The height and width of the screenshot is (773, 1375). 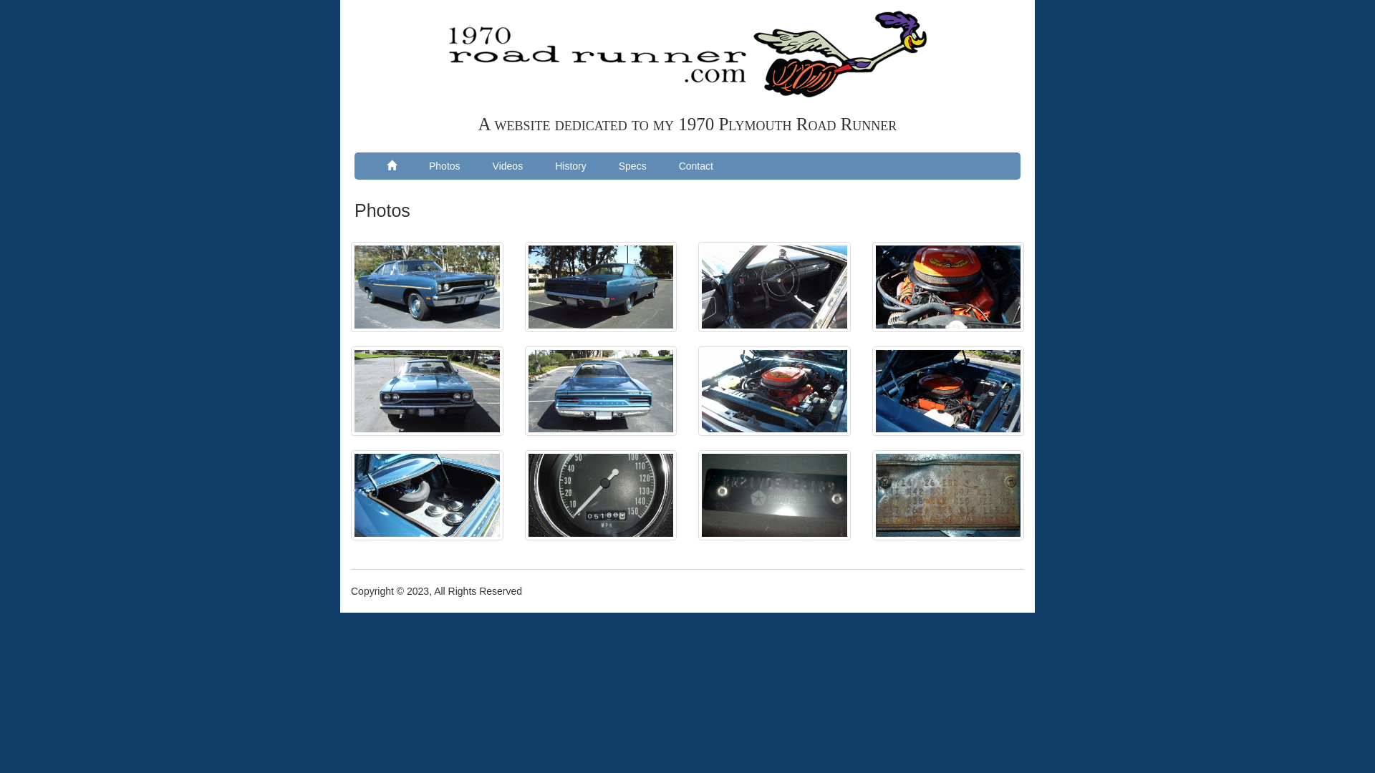 What do you see at coordinates (569, 165) in the screenshot?
I see `'History'` at bounding box center [569, 165].